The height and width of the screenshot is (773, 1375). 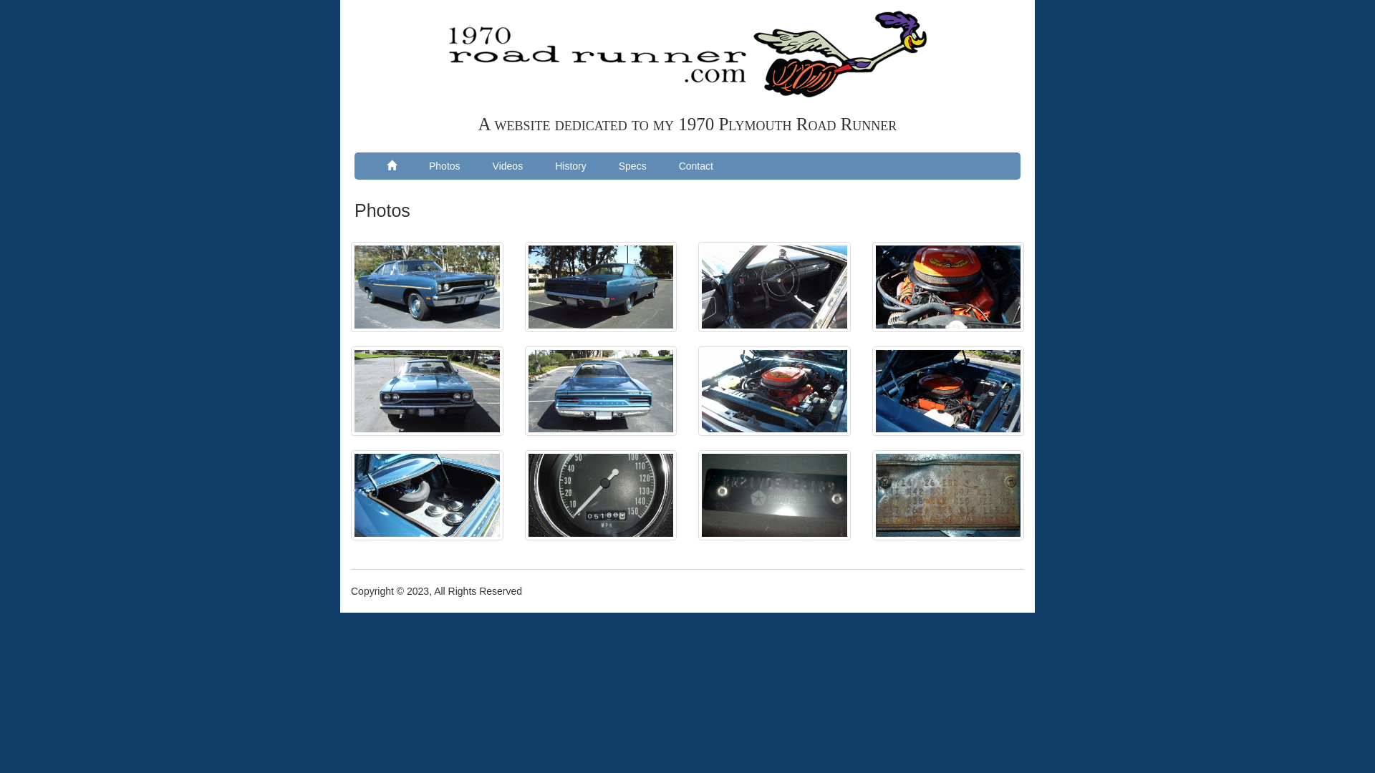 What do you see at coordinates (569, 165) in the screenshot?
I see `'History'` at bounding box center [569, 165].